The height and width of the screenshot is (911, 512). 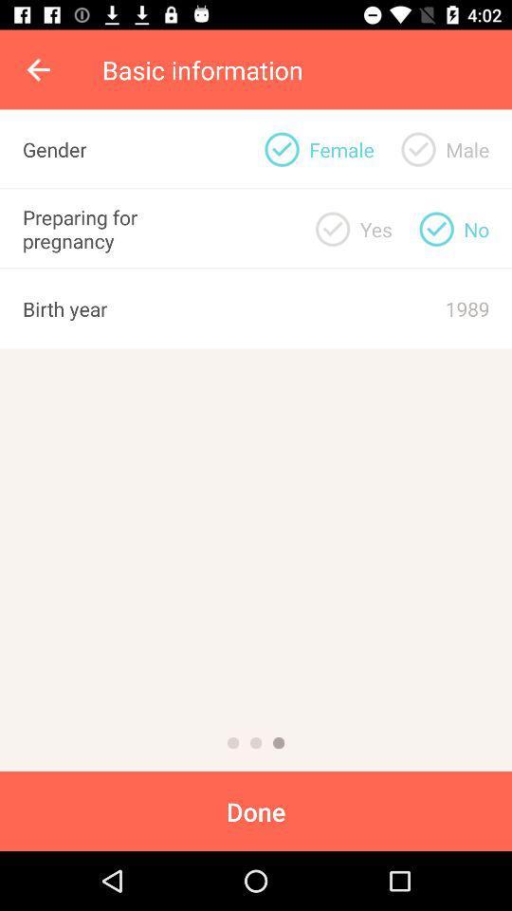 What do you see at coordinates (436, 228) in the screenshot?
I see `the check icon` at bounding box center [436, 228].